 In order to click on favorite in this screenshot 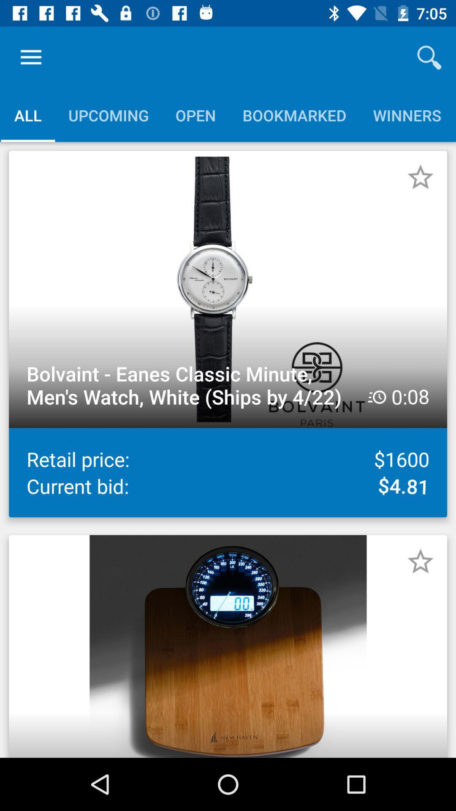, I will do `click(420, 177)`.